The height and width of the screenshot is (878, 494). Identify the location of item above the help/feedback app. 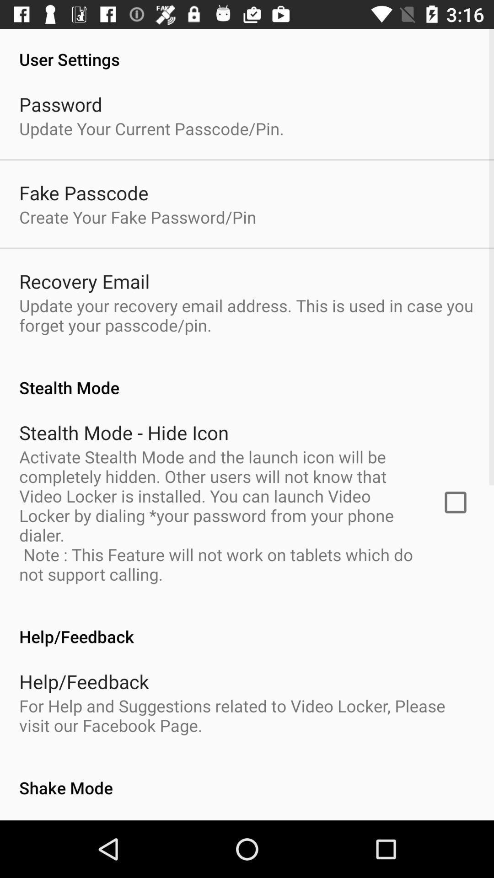
(455, 502).